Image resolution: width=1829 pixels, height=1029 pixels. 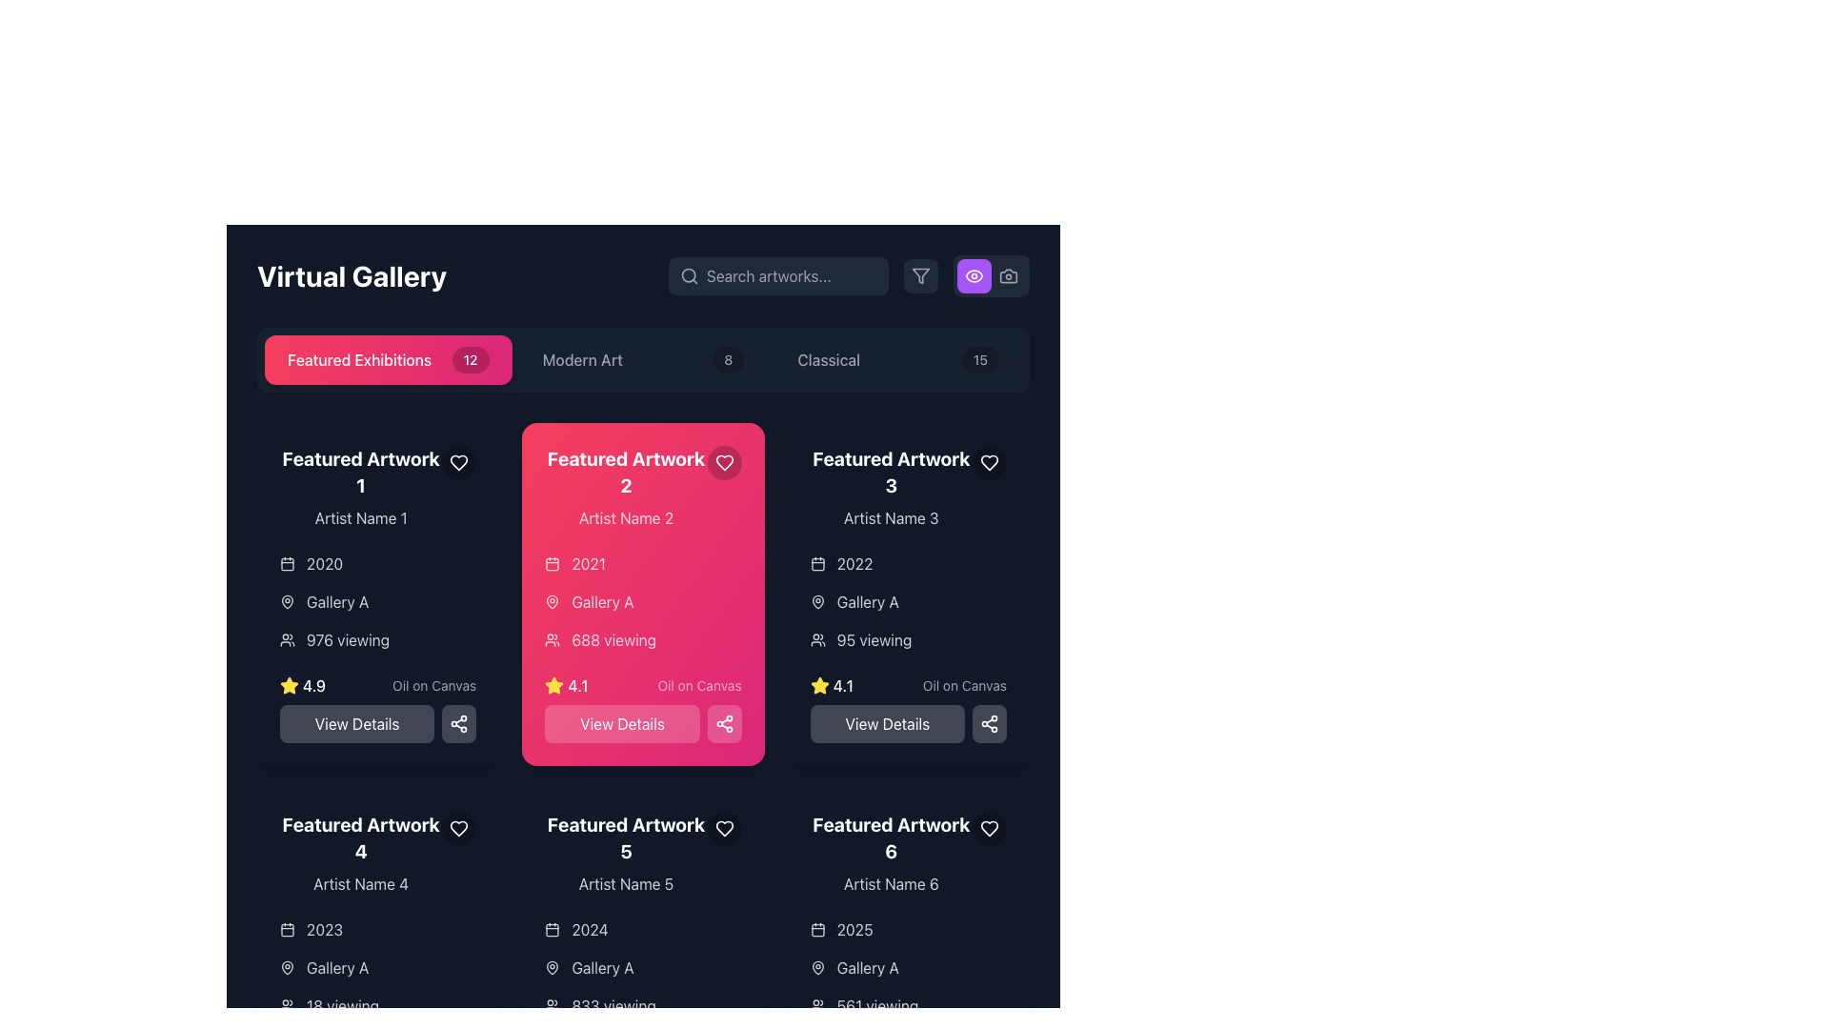 What do you see at coordinates (890, 884) in the screenshot?
I see `the label displaying 'Artist Name 6' which is located below the title 'Featured Artwork 6' in the dark-themed layout` at bounding box center [890, 884].